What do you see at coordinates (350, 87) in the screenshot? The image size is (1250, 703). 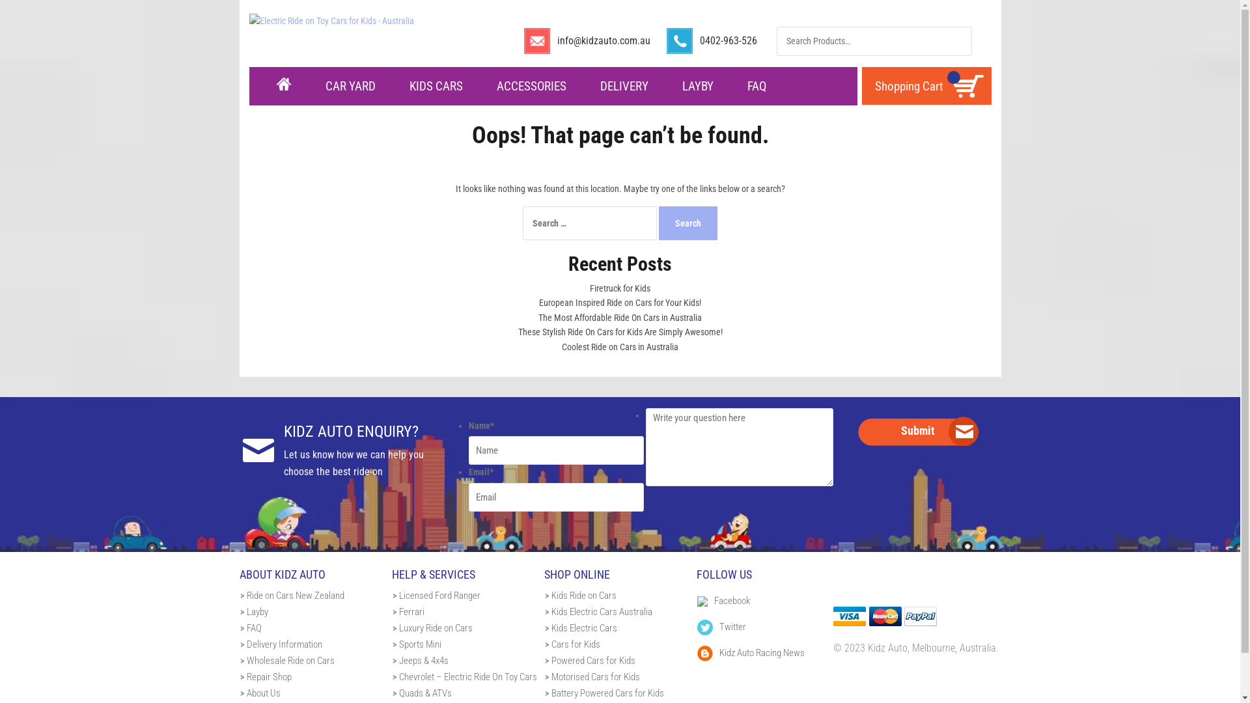 I see `'CAR YARD'` at bounding box center [350, 87].